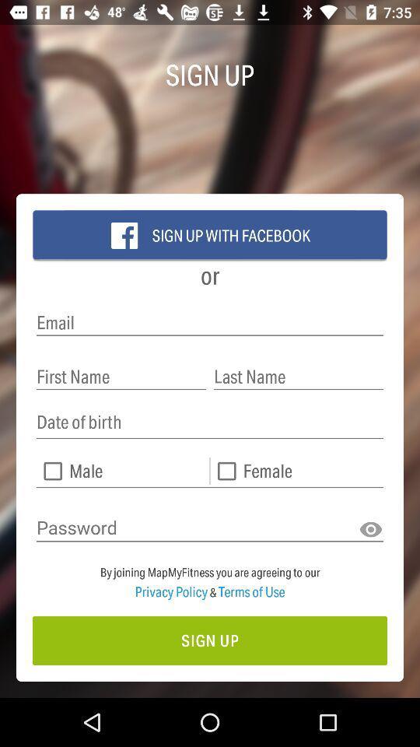 This screenshot has width=420, height=747. What do you see at coordinates (122, 470) in the screenshot?
I see `the check box male which is before checkbox female on the page` at bounding box center [122, 470].